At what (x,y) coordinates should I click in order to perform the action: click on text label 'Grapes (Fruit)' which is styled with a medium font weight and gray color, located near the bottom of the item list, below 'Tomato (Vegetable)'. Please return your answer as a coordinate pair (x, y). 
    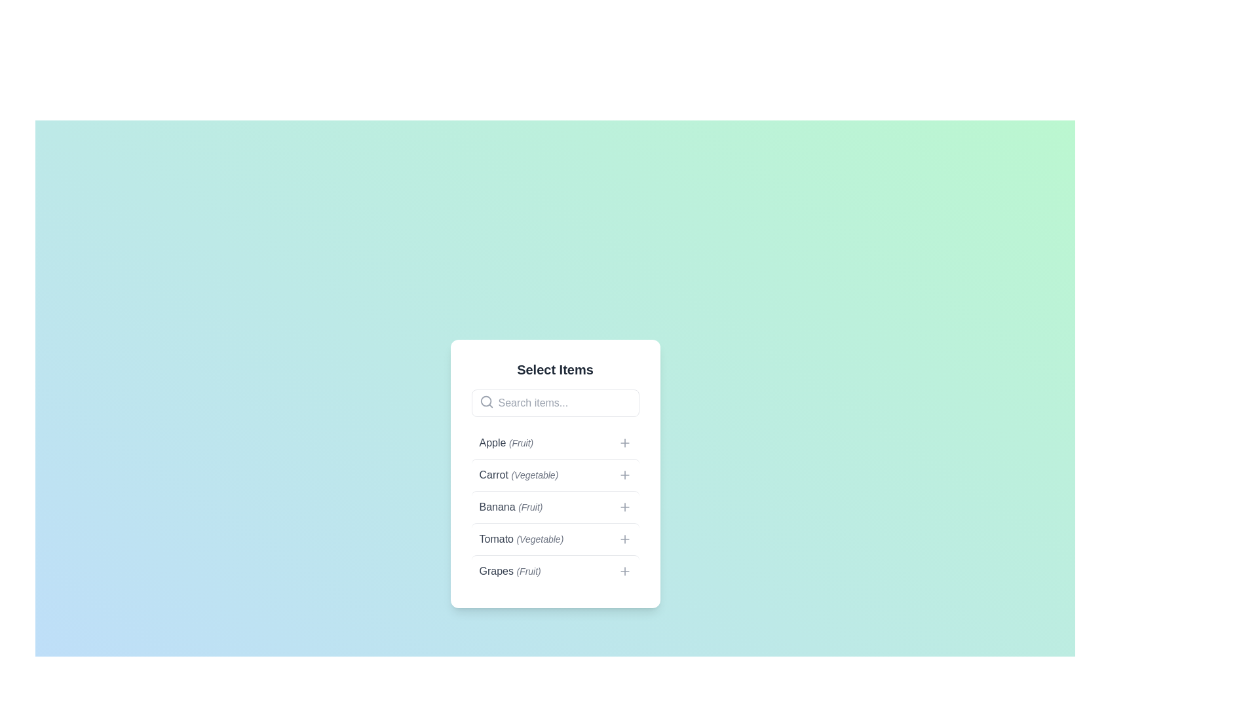
    Looking at the image, I should click on (509, 570).